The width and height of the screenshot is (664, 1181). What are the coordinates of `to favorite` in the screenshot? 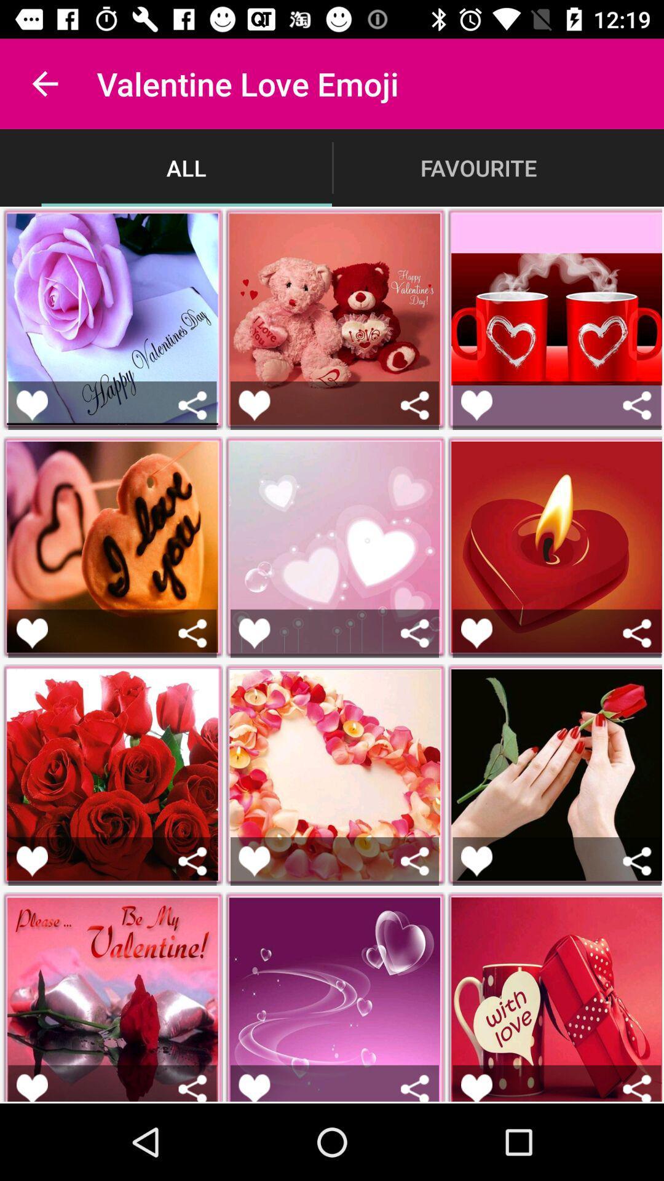 It's located at (253, 405).